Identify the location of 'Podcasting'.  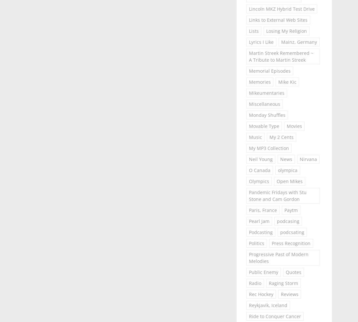
(248, 232).